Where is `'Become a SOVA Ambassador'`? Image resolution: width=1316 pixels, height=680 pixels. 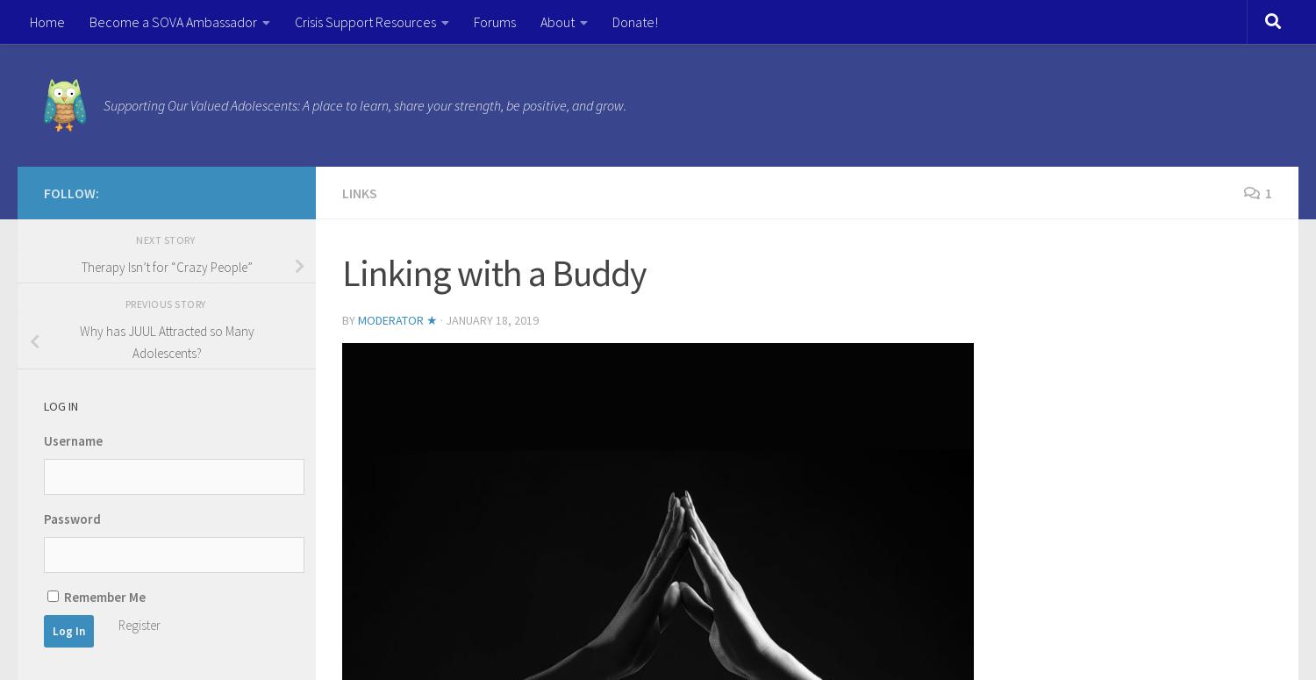 'Become a SOVA Ambassador' is located at coordinates (172, 22).